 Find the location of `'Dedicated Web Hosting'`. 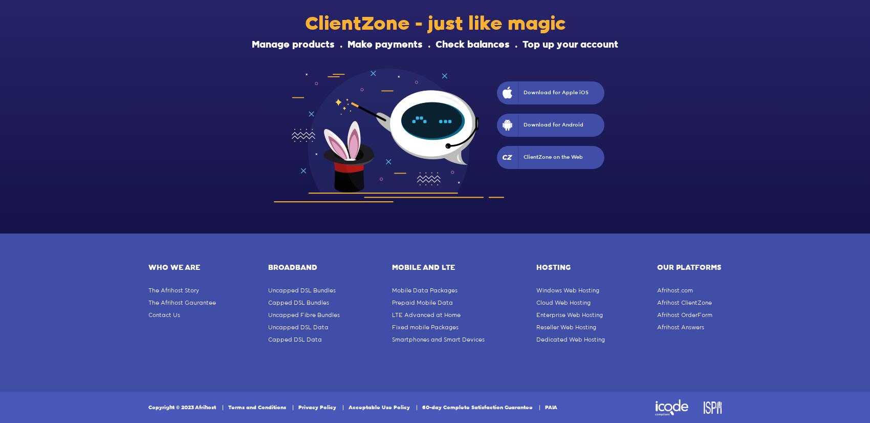

'Dedicated Web Hosting' is located at coordinates (571, 340).